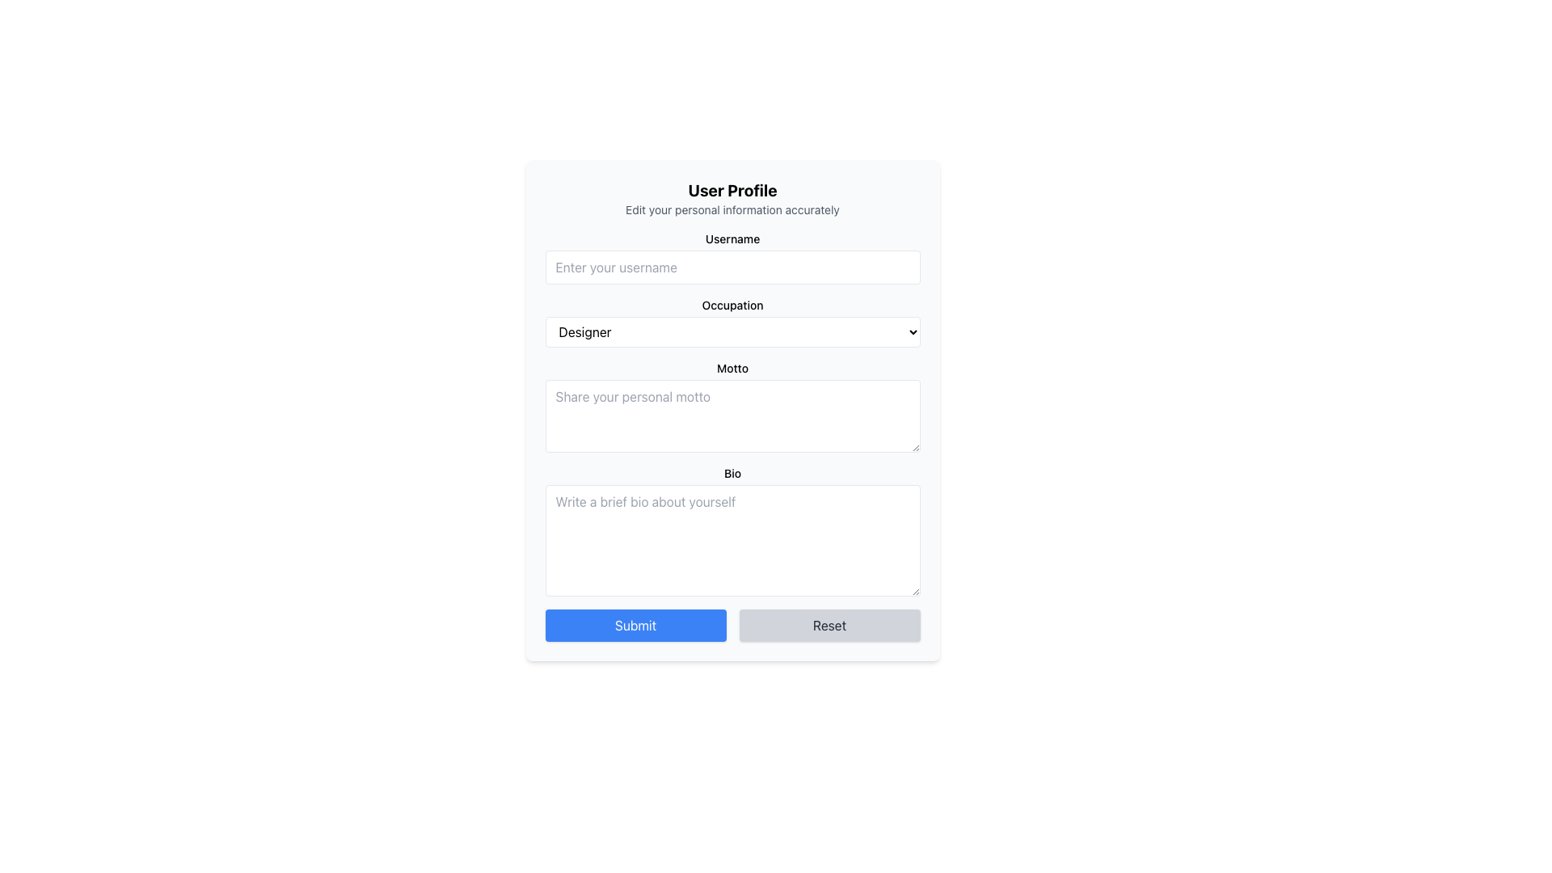 This screenshot has width=1552, height=873. I want to click on the label displaying the word 'Motto', which is positioned above the text area input box for sharing a personal motto, so click(732, 368).